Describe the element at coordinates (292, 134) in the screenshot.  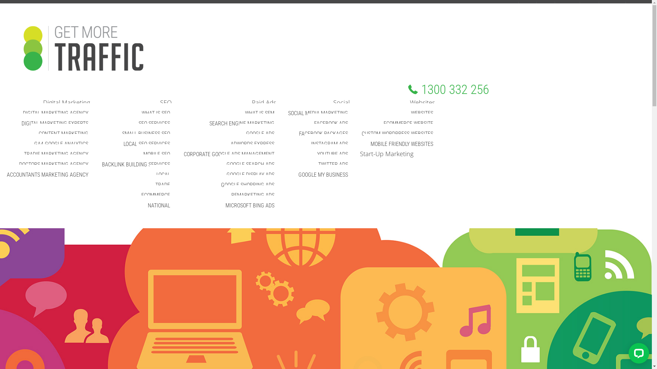
I see `'FACEBOOK PACKAGES'` at that location.